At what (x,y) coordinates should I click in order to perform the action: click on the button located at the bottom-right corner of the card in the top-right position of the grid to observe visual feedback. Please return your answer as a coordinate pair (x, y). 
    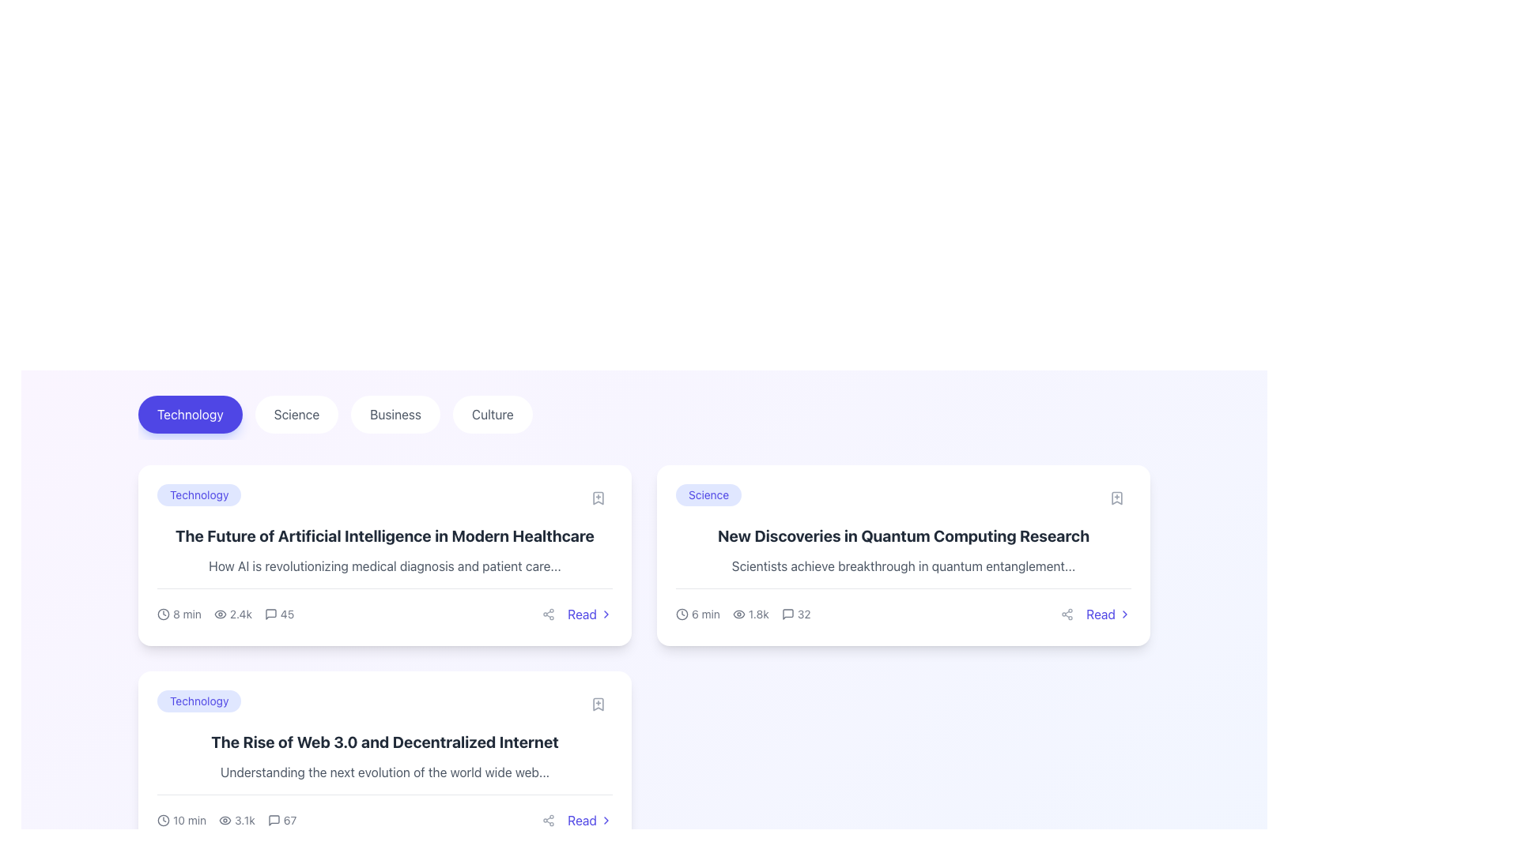
    Looking at the image, I should click on (1108, 614).